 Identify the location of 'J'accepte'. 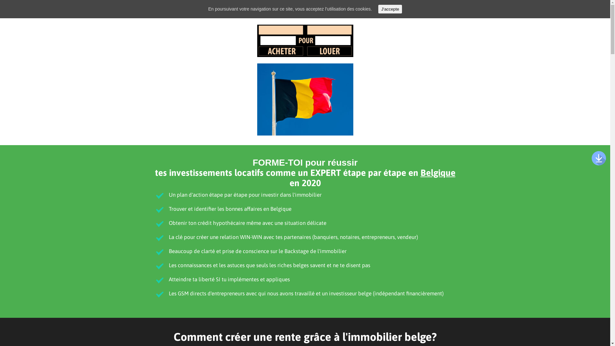
(390, 9).